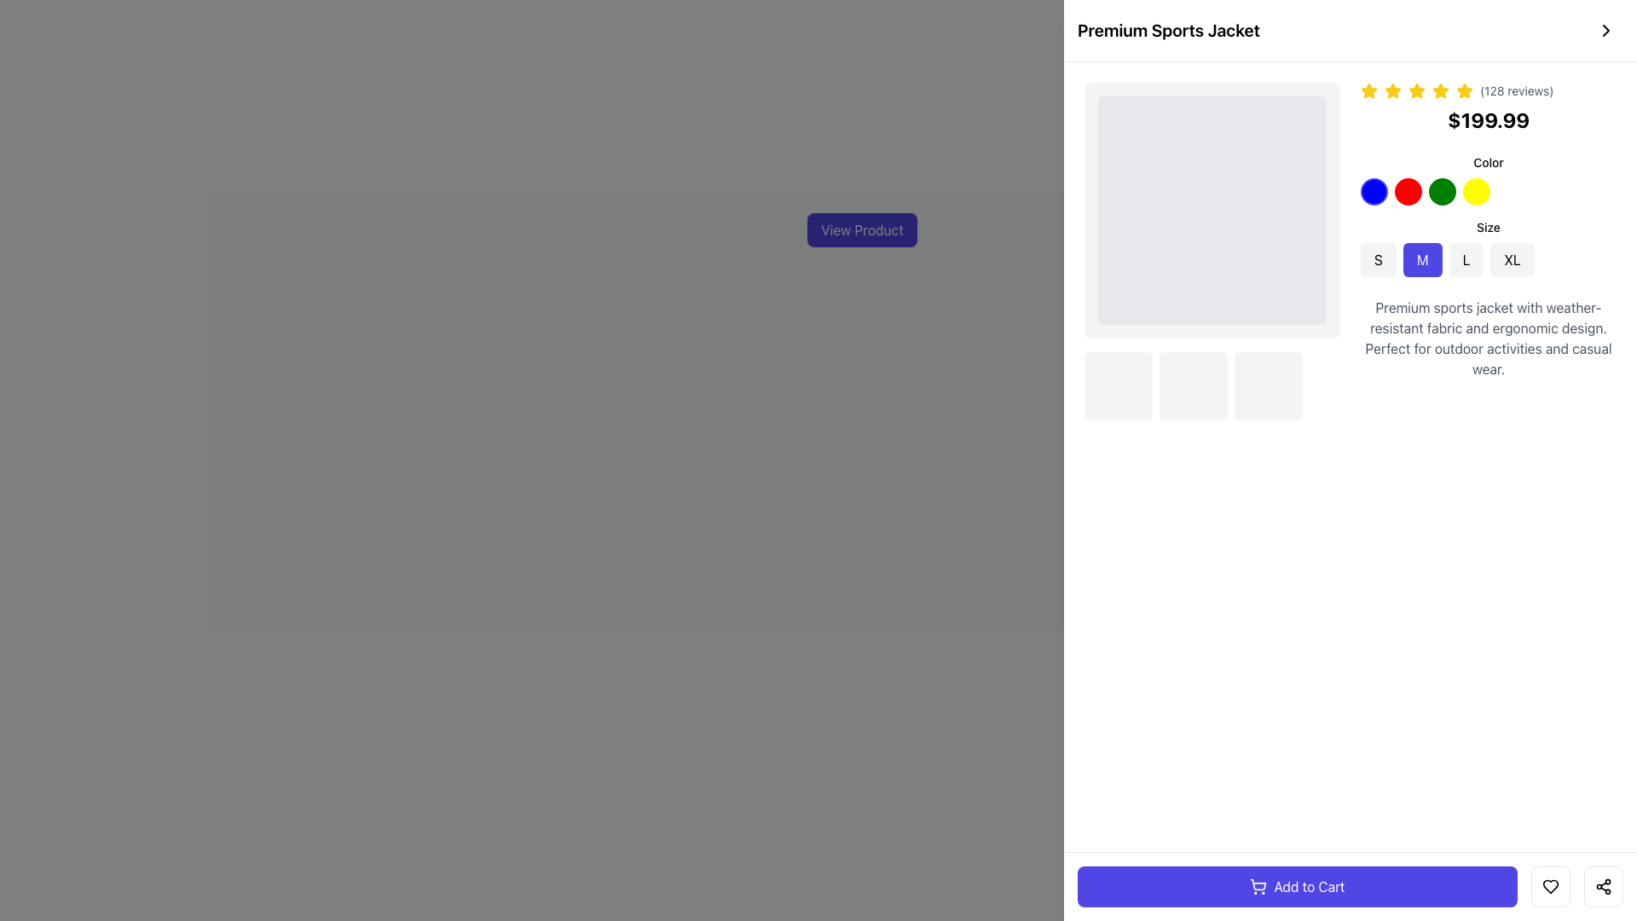 Image resolution: width=1637 pixels, height=921 pixels. I want to click on the fourth yellow star-shaped rating icon to provide a rating, located above the price information and below the product title 'Premium Sports Jacket', so click(1416, 91).